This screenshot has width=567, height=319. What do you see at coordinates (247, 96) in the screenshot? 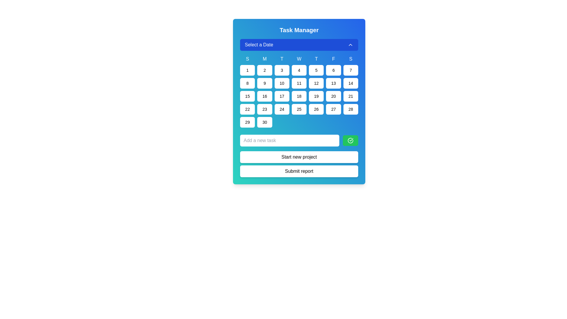
I see `the button that allows users` at bounding box center [247, 96].